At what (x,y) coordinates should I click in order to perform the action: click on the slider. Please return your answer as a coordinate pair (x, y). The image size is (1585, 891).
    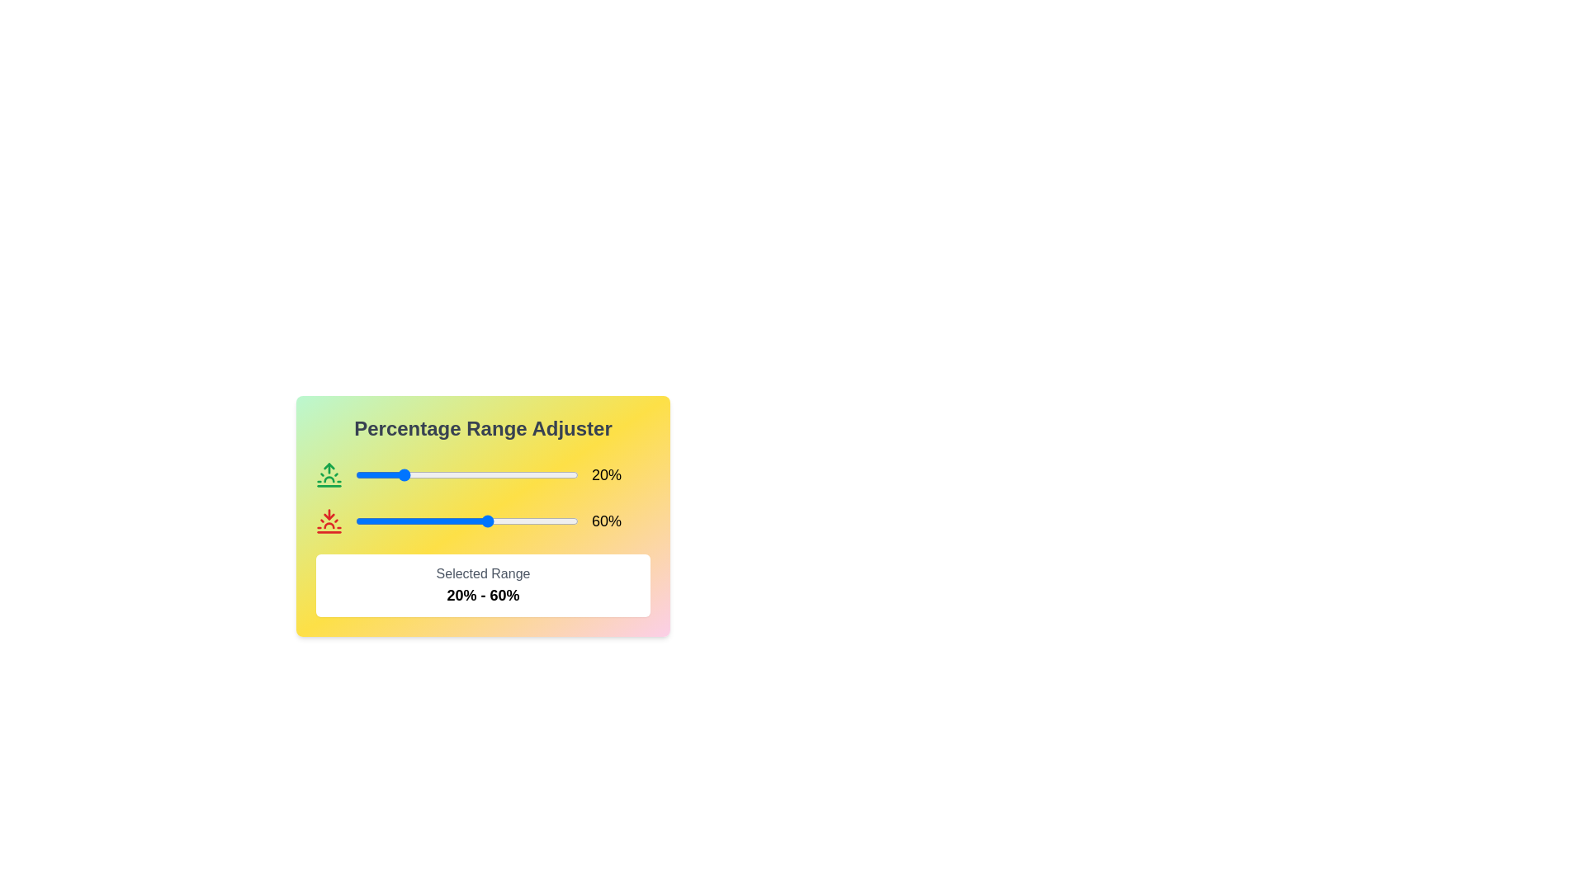
    Looking at the image, I should click on (402, 474).